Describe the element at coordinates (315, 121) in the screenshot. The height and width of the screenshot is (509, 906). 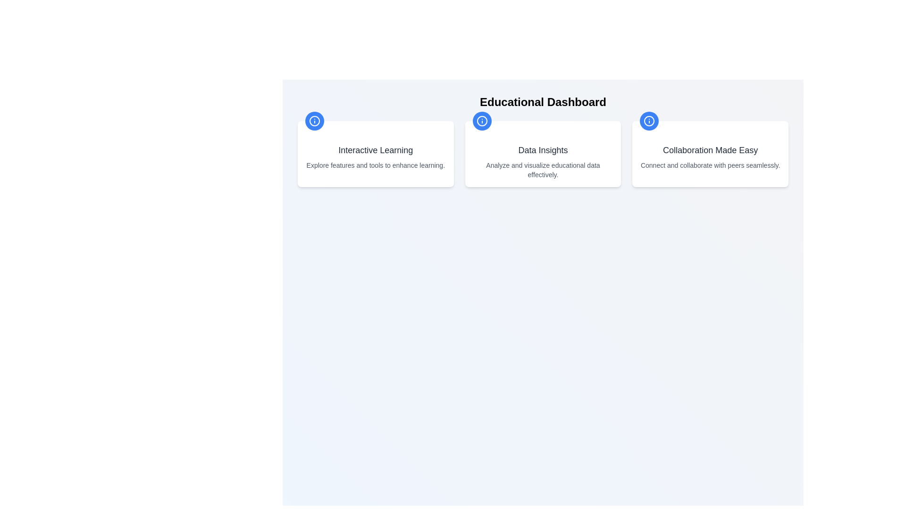
I see `the graphical context of the decorative icon positioned at the top-left corner of the 'Interactive Learning' card` at that location.